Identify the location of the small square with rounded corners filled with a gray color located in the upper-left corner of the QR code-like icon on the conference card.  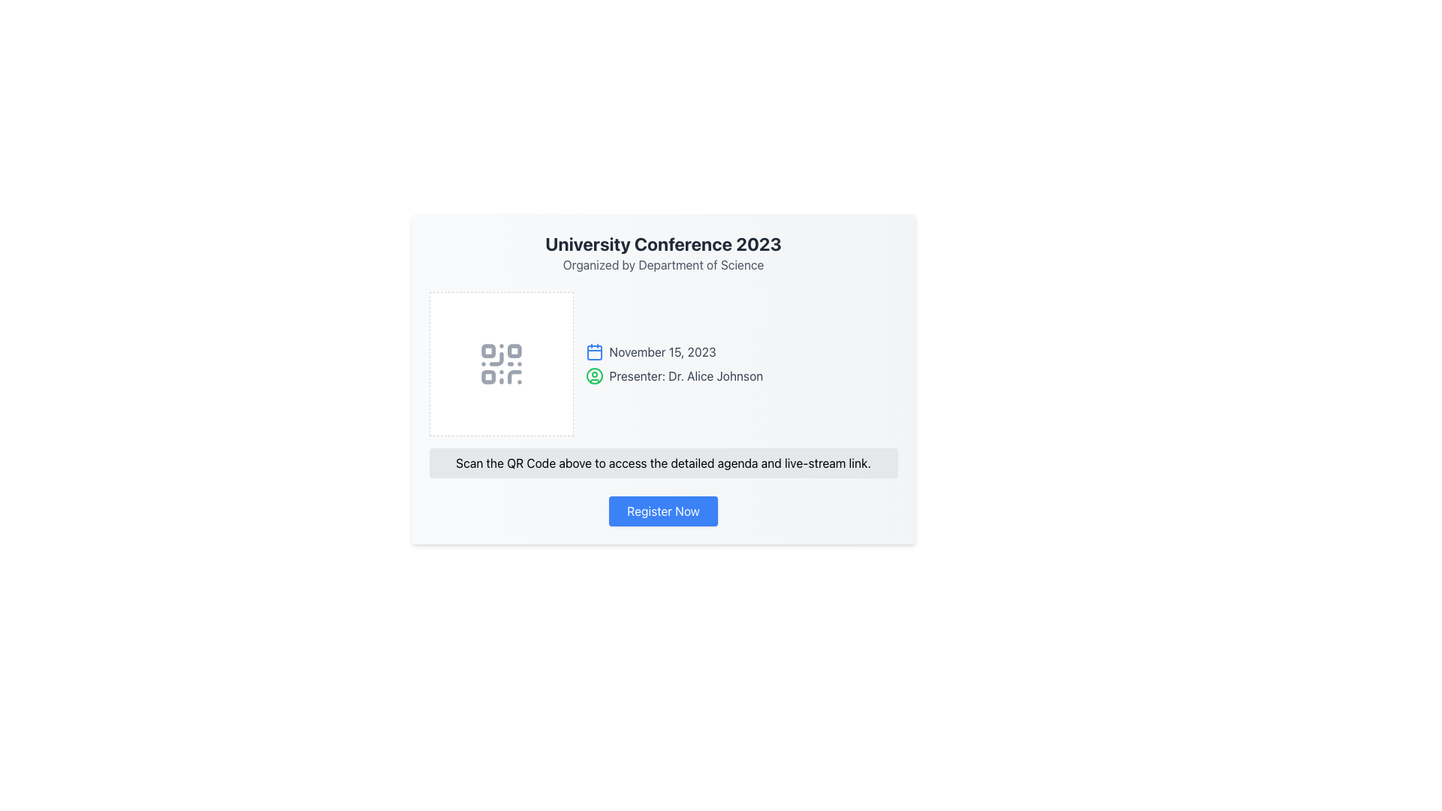
(488, 351).